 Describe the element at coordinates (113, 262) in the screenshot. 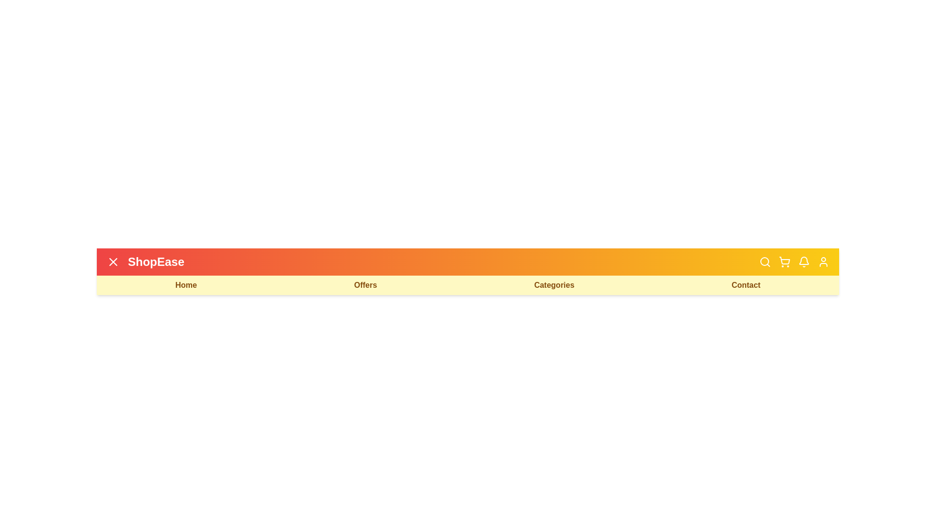

I see `the menu button to toggle the menu visibility` at that location.